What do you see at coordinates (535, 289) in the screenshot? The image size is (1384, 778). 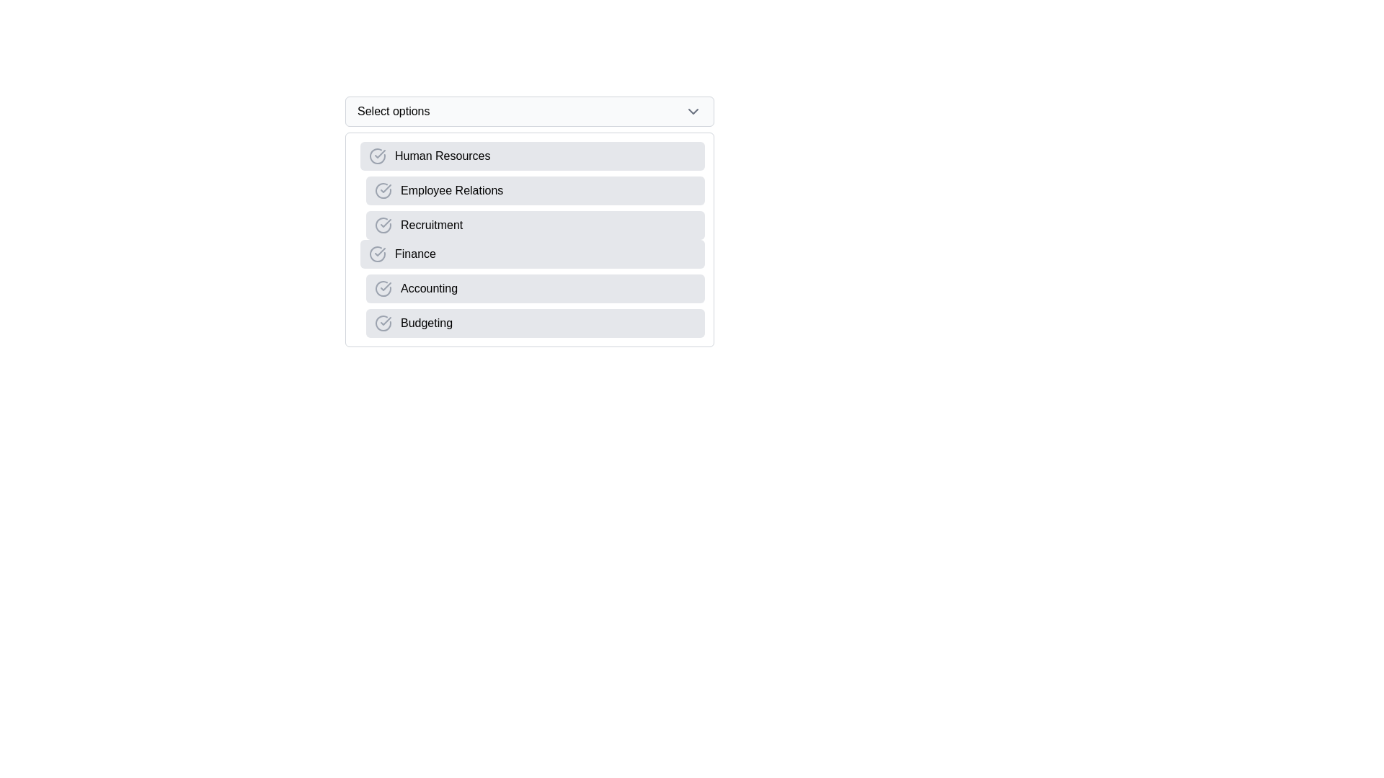 I see `the fourth selectable list item, located below 'Finance' and above 'Budgeting'` at bounding box center [535, 289].